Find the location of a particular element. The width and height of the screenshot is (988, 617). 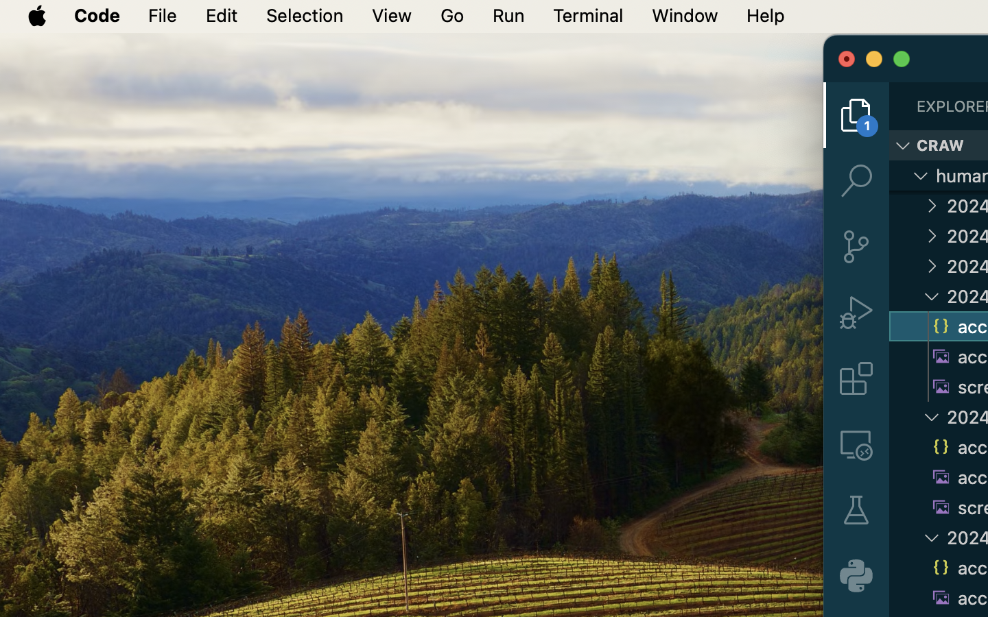

'0 ' is located at coordinates (856, 444).